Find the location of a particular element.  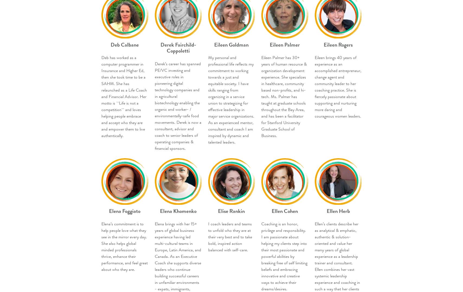

'Eileen Rogers' is located at coordinates (338, 44).